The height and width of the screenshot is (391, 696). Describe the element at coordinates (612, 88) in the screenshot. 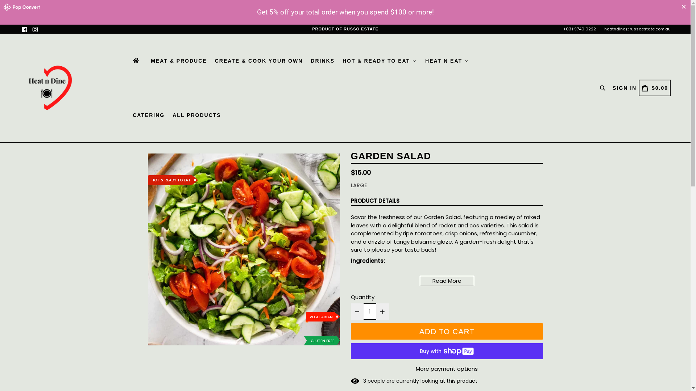

I see `'SIGN IN'` at that location.